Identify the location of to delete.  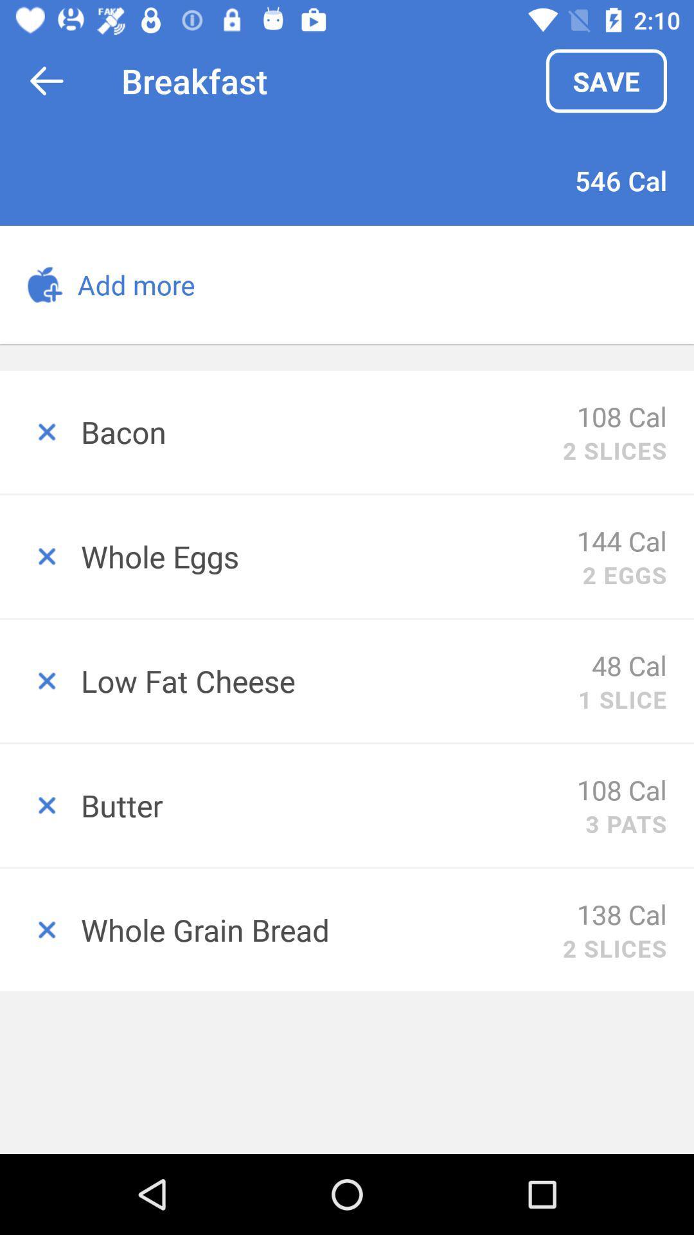
(39, 432).